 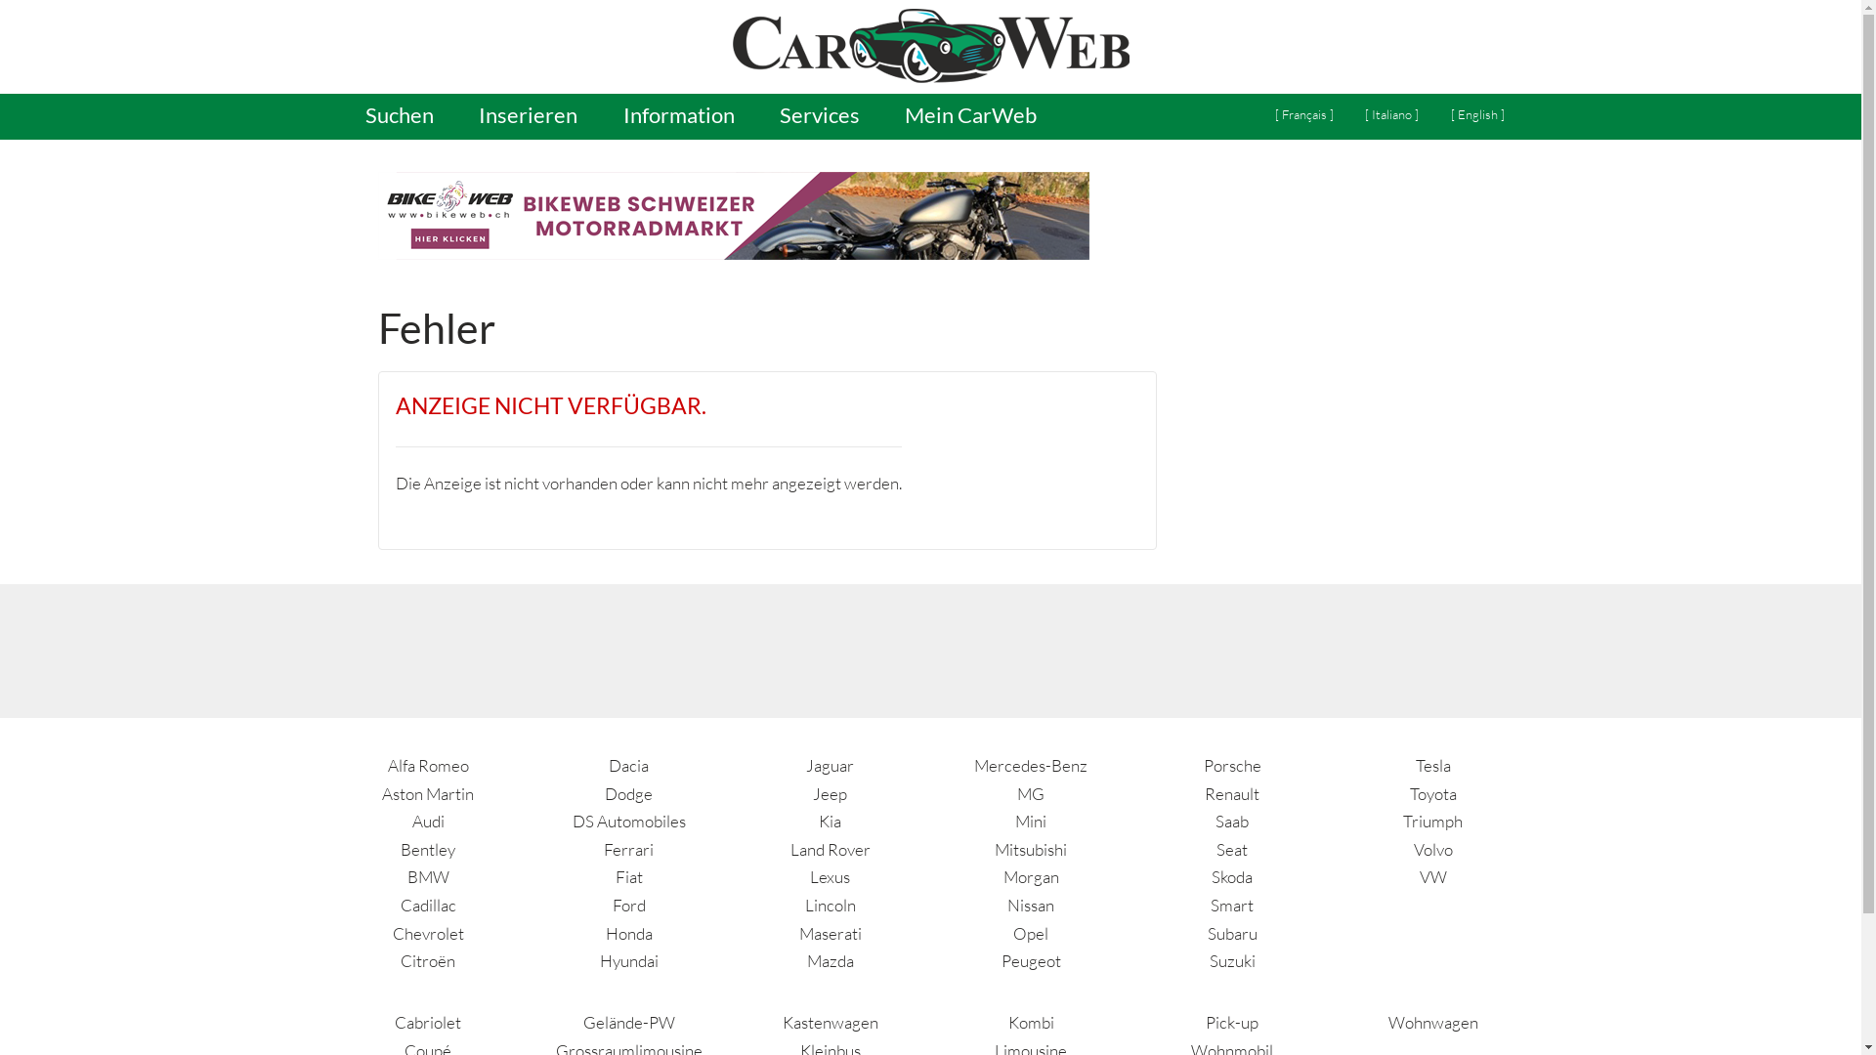 What do you see at coordinates (1231, 932) in the screenshot?
I see `'Subaru'` at bounding box center [1231, 932].